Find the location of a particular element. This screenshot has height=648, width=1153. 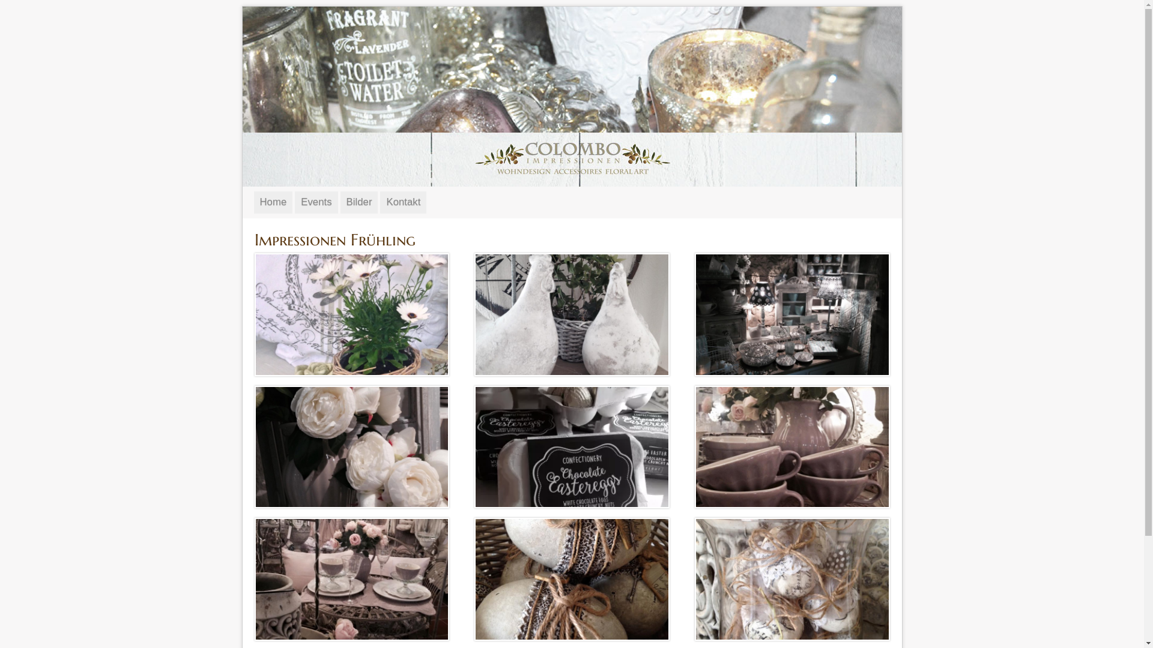

'Home' is located at coordinates (272, 202).